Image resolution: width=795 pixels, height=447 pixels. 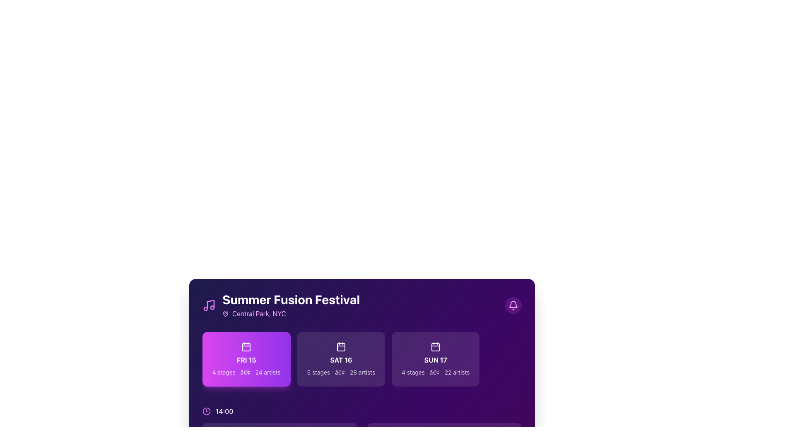 I want to click on the calendar icon with a white outline located on the purple background, positioned at the top-center of the 'SUN 17' card, so click(x=435, y=346).